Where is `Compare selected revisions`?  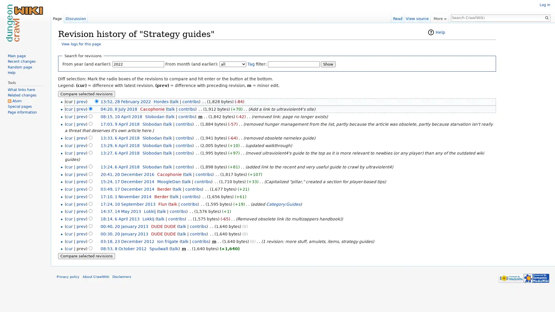
Compare selected revisions is located at coordinates (86, 93).